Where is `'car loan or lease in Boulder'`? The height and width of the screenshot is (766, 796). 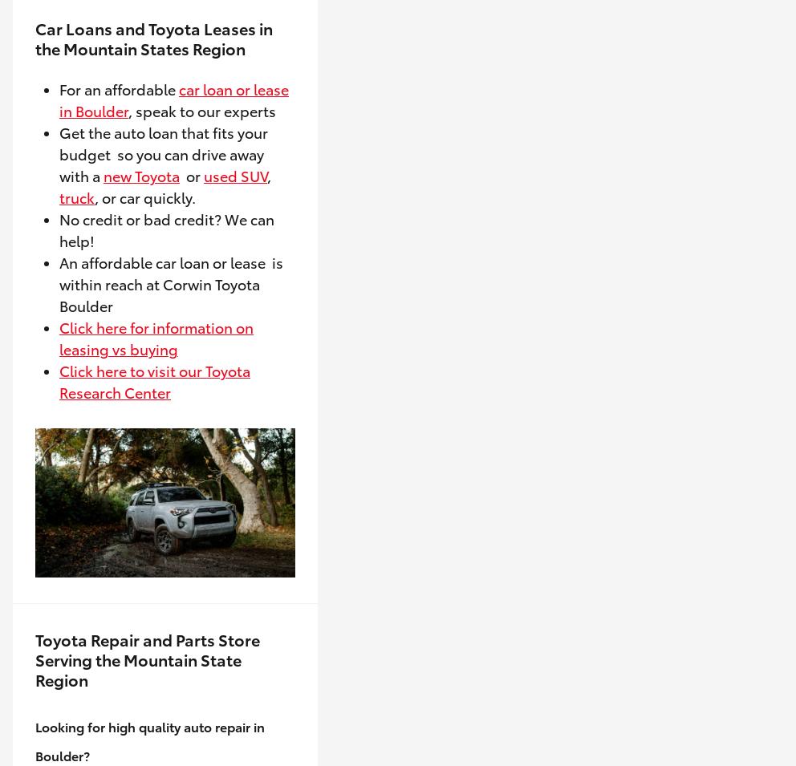 'car loan or lease in Boulder' is located at coordinates (174, 98).